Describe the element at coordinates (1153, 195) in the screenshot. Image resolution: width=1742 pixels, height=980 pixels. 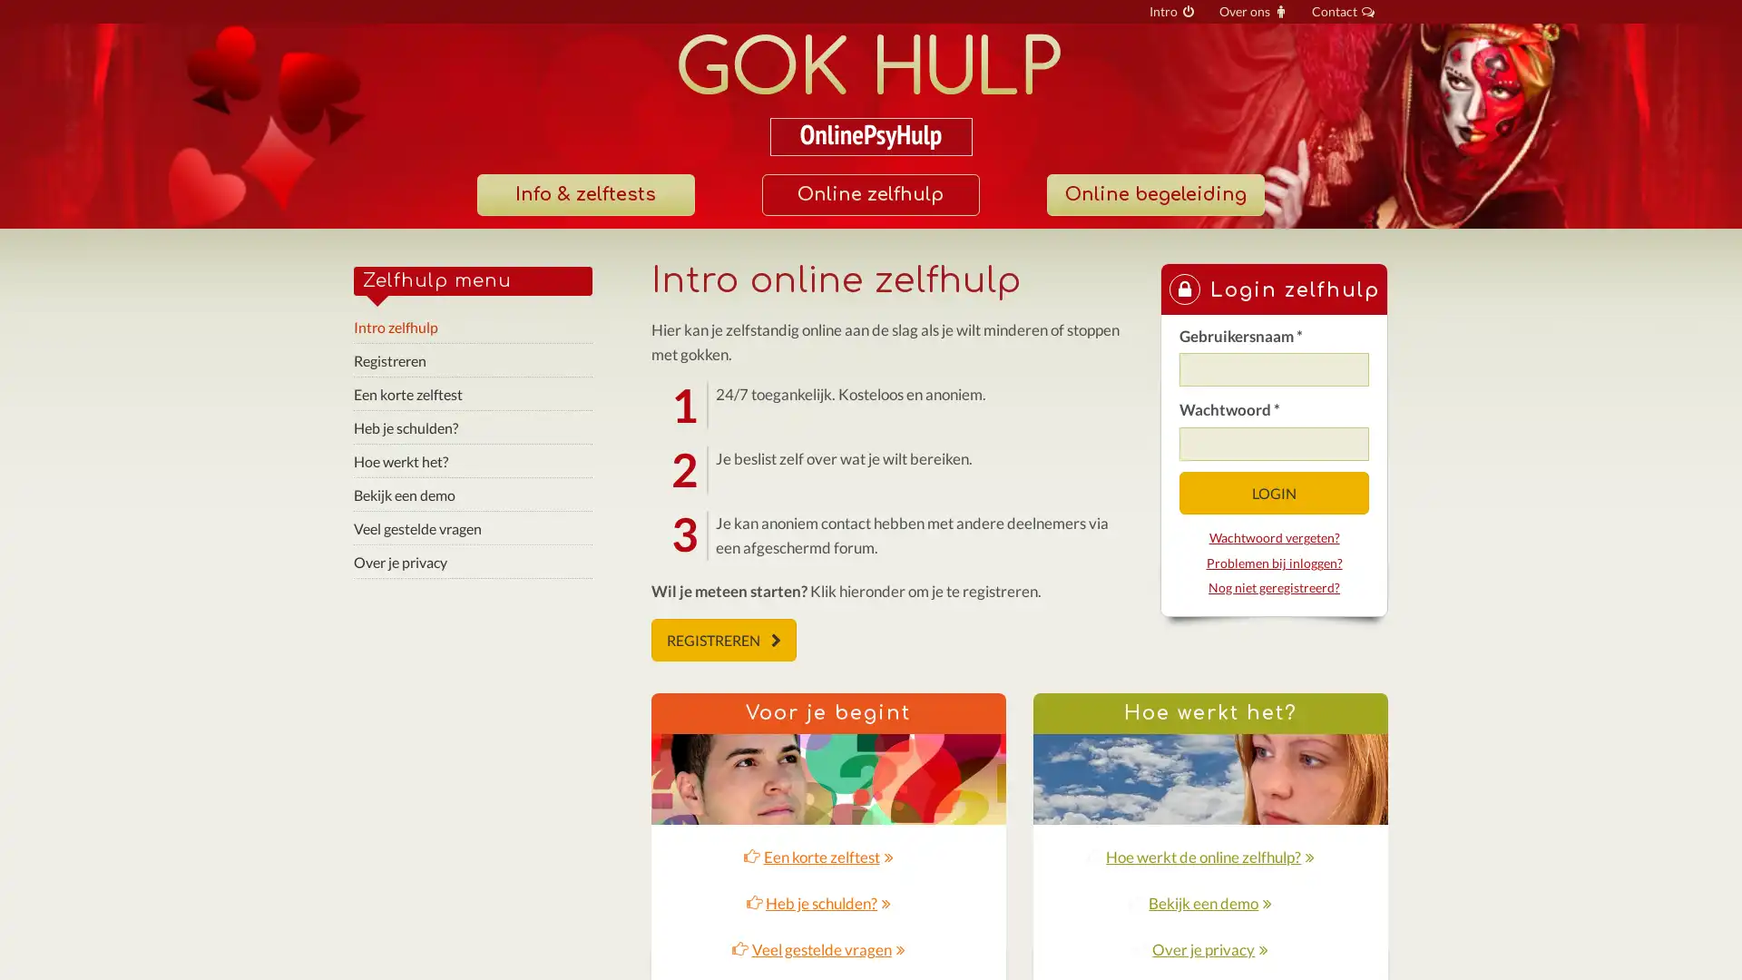
I see `Online begeleiding` at that location.